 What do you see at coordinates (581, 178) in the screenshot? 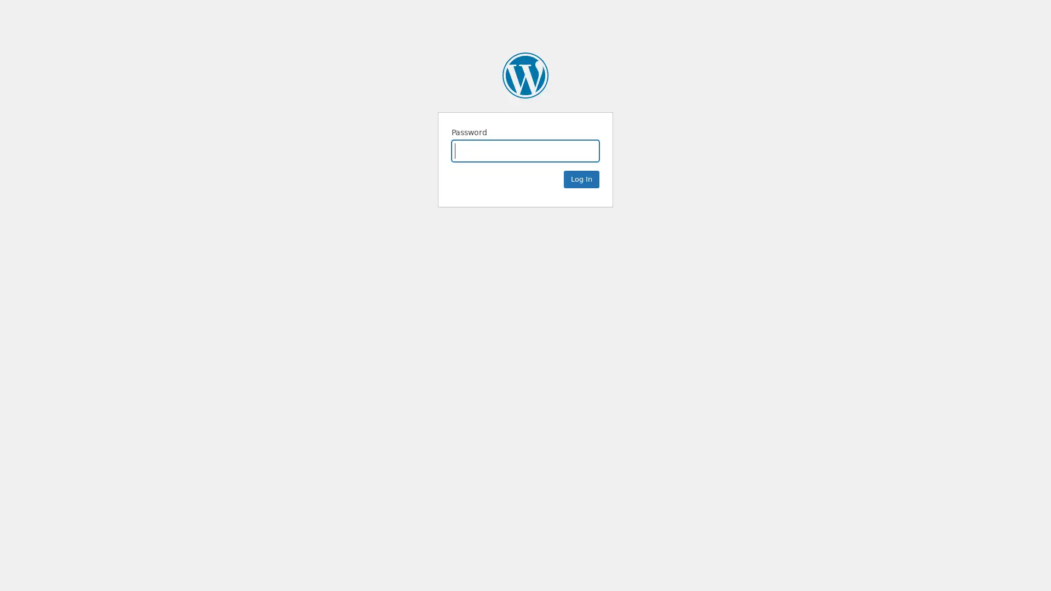
I see `Log In` at bounding box center [581, 178].